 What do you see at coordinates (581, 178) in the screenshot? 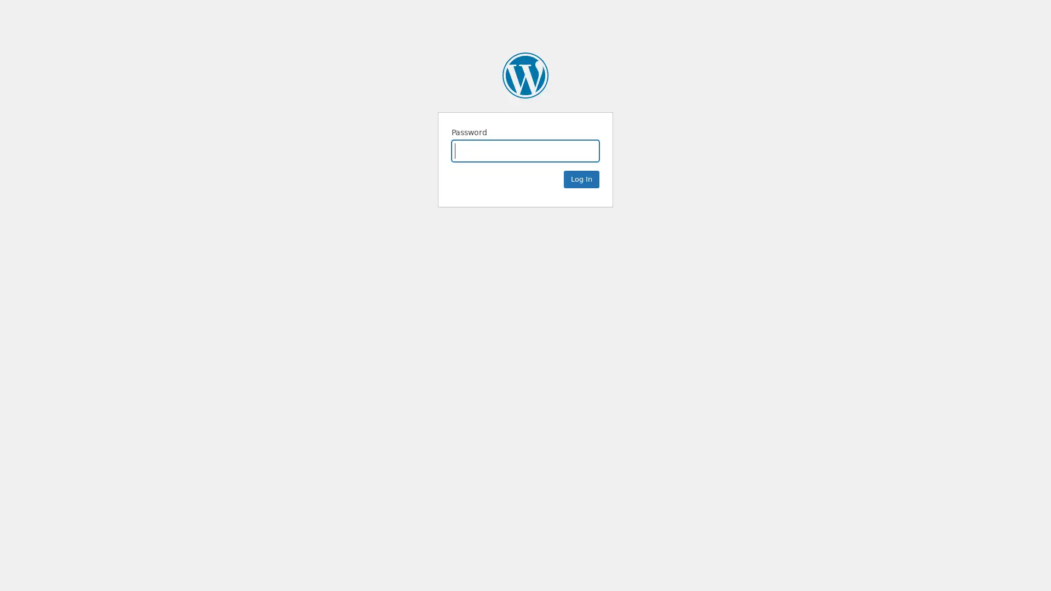
I see `Log In` at bounding box center [581, 178].